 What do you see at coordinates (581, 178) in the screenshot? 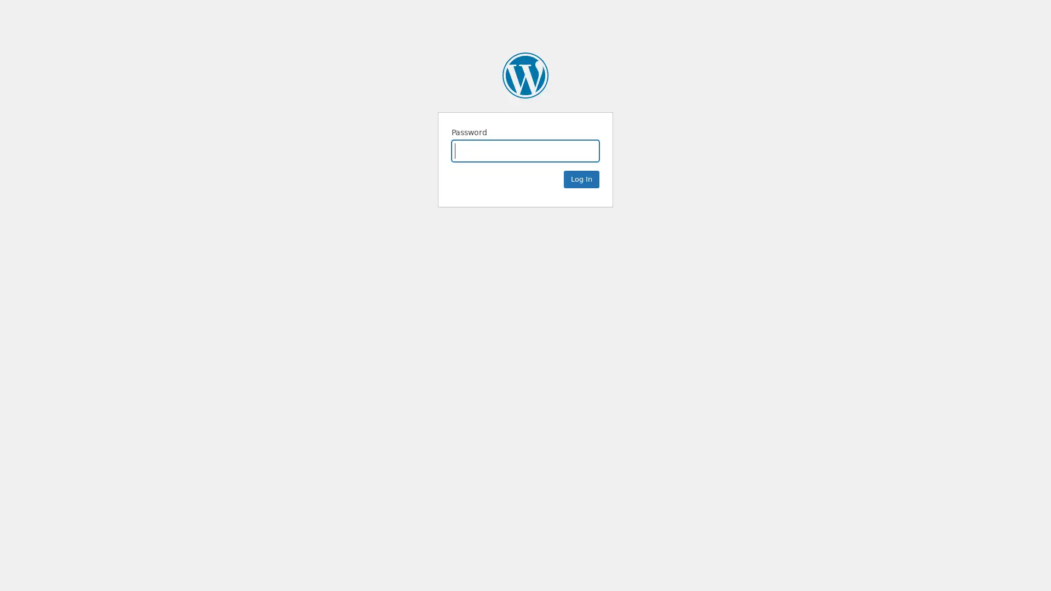
I see `Log In` at bounding box center [581, 178].